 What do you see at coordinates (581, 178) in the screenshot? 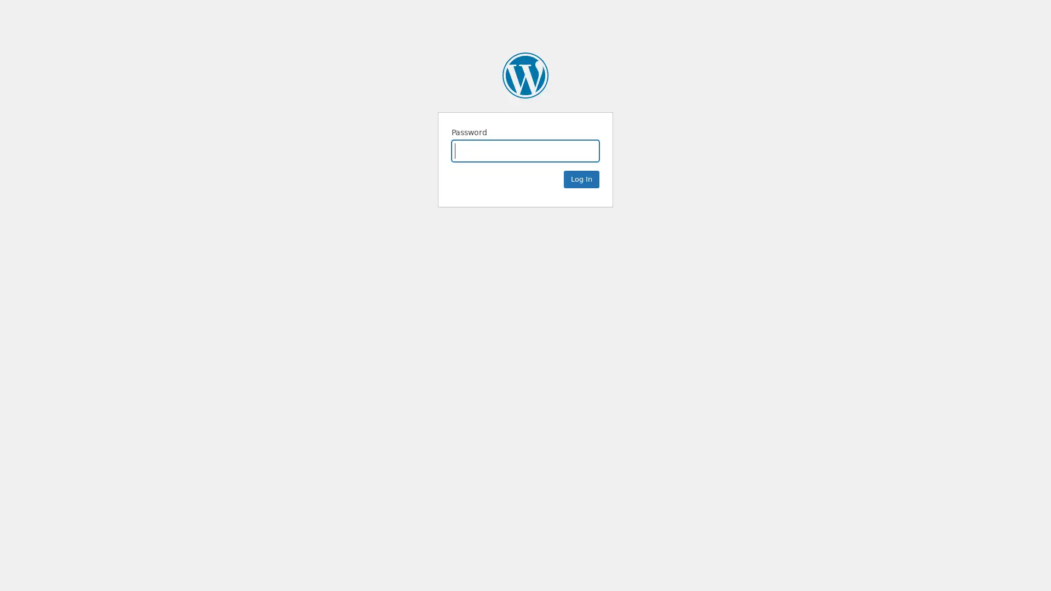
I see `Log In` at bounding box center [581, 178].